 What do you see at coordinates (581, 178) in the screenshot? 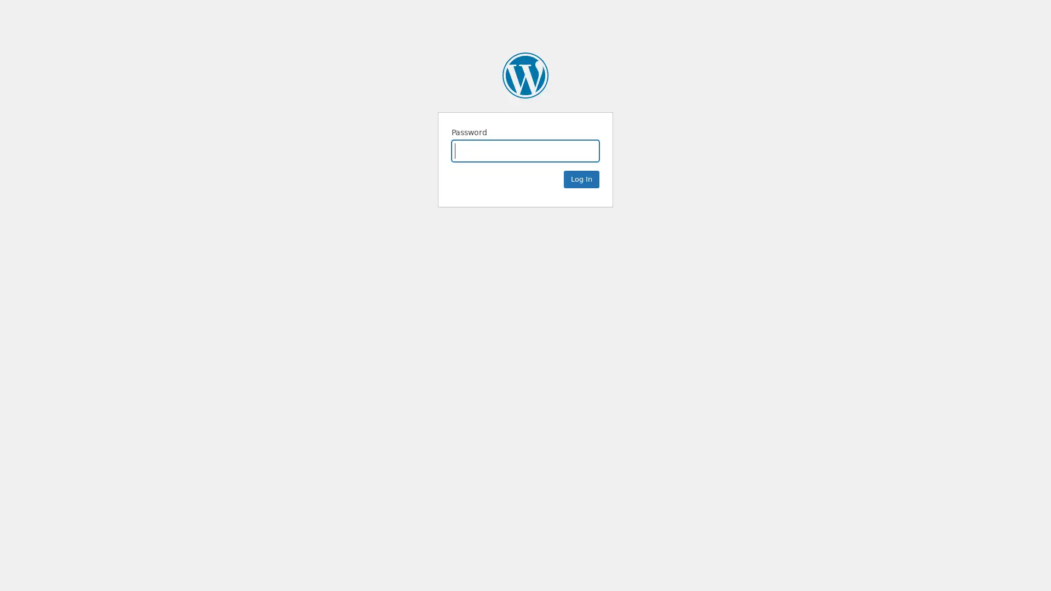
I see `Log In` at bounding box center [581, 178].